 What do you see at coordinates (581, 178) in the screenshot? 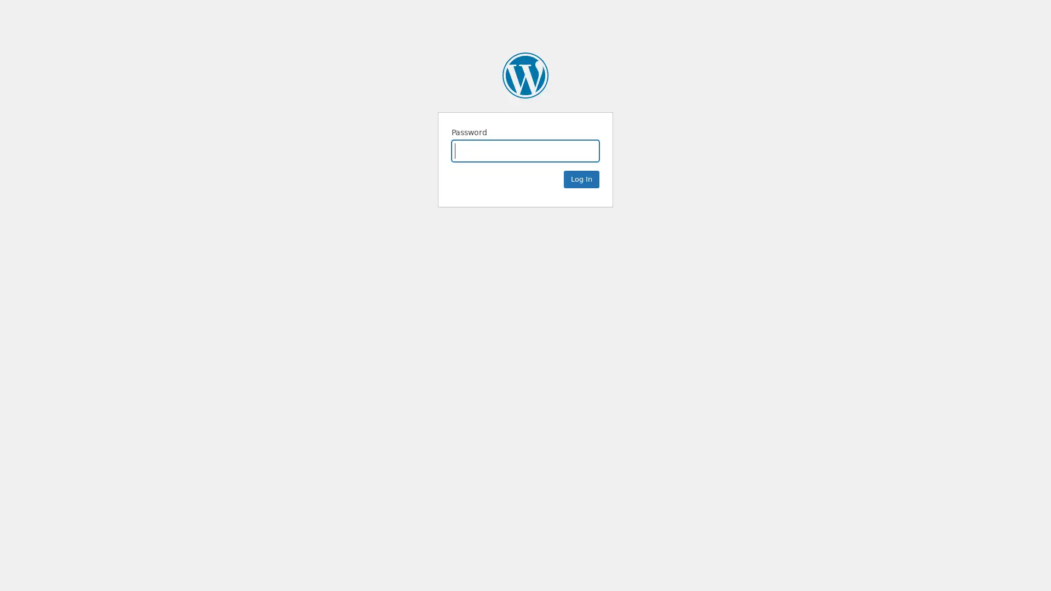
I see `Log In` at bounding box center [581, 178].